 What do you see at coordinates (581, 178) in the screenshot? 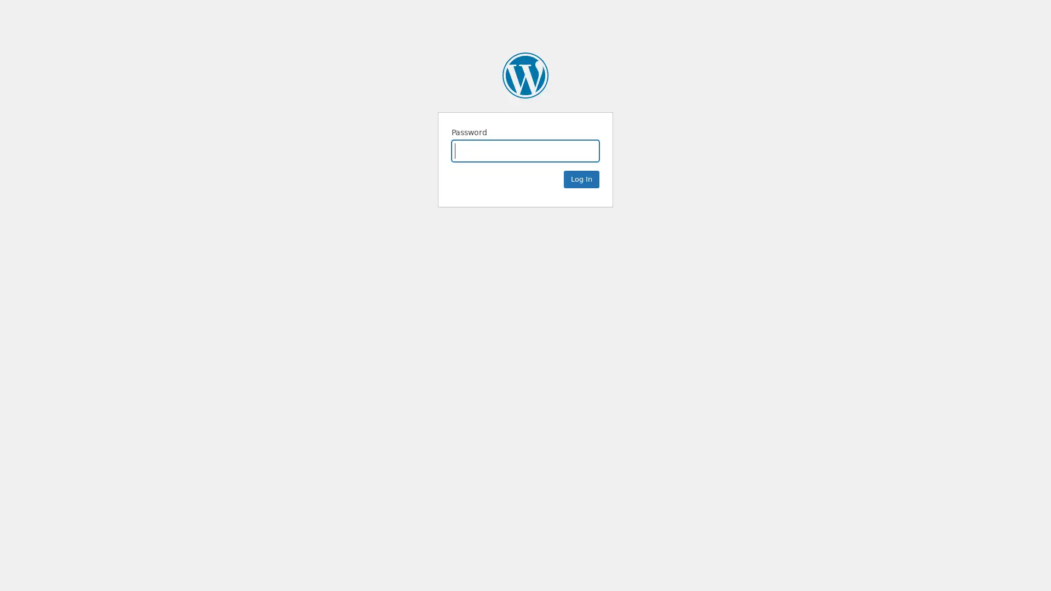
I see `Log In` at bounding box center [581, 178].